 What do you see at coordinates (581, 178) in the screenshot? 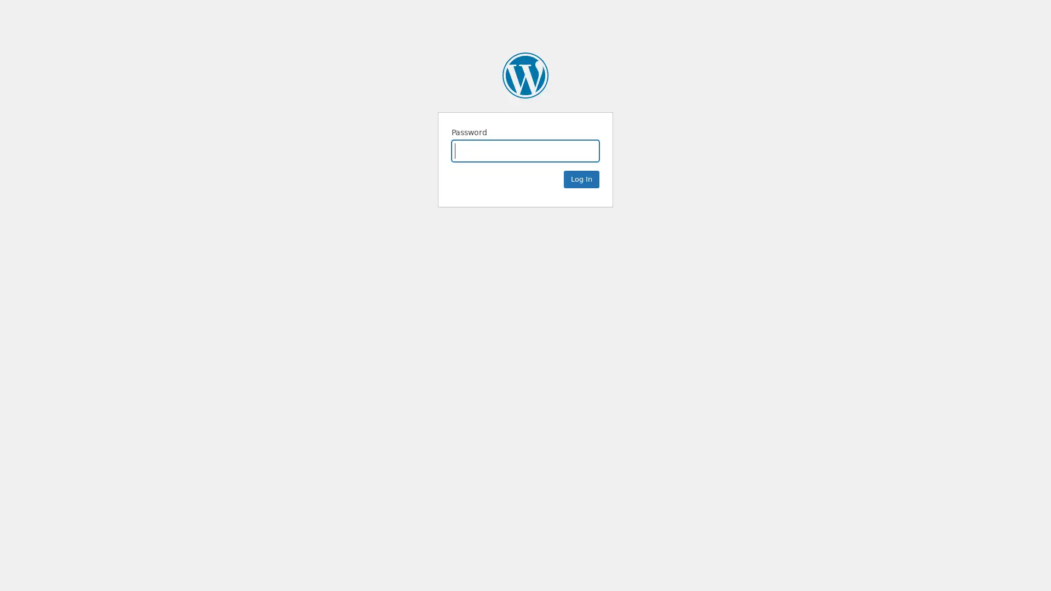
I see `Log In` at bounding box center [581, 178].